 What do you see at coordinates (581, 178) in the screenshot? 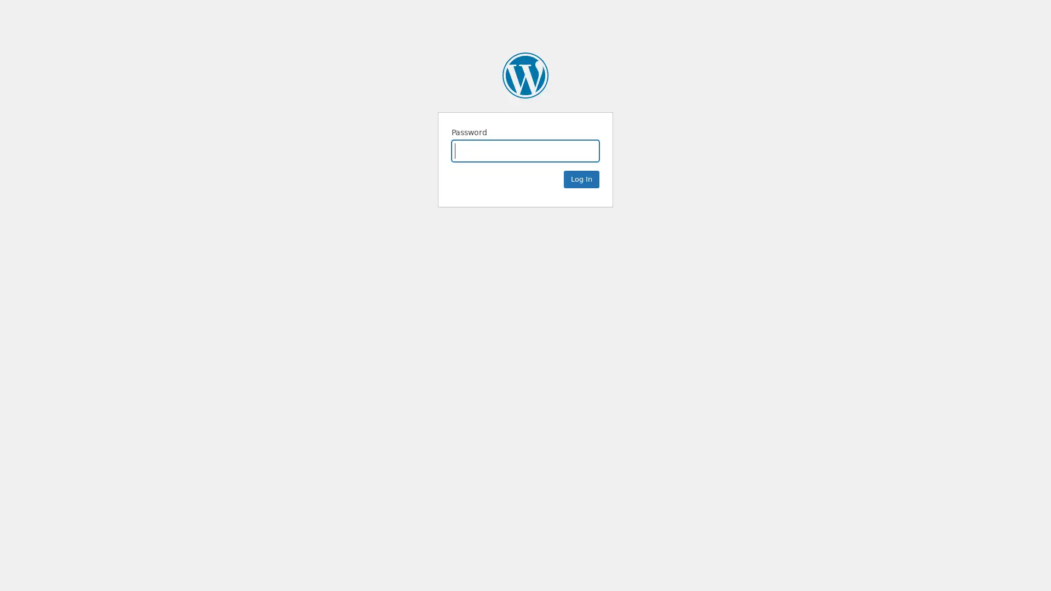
I see `Log In` at bounding box center [581, 178].